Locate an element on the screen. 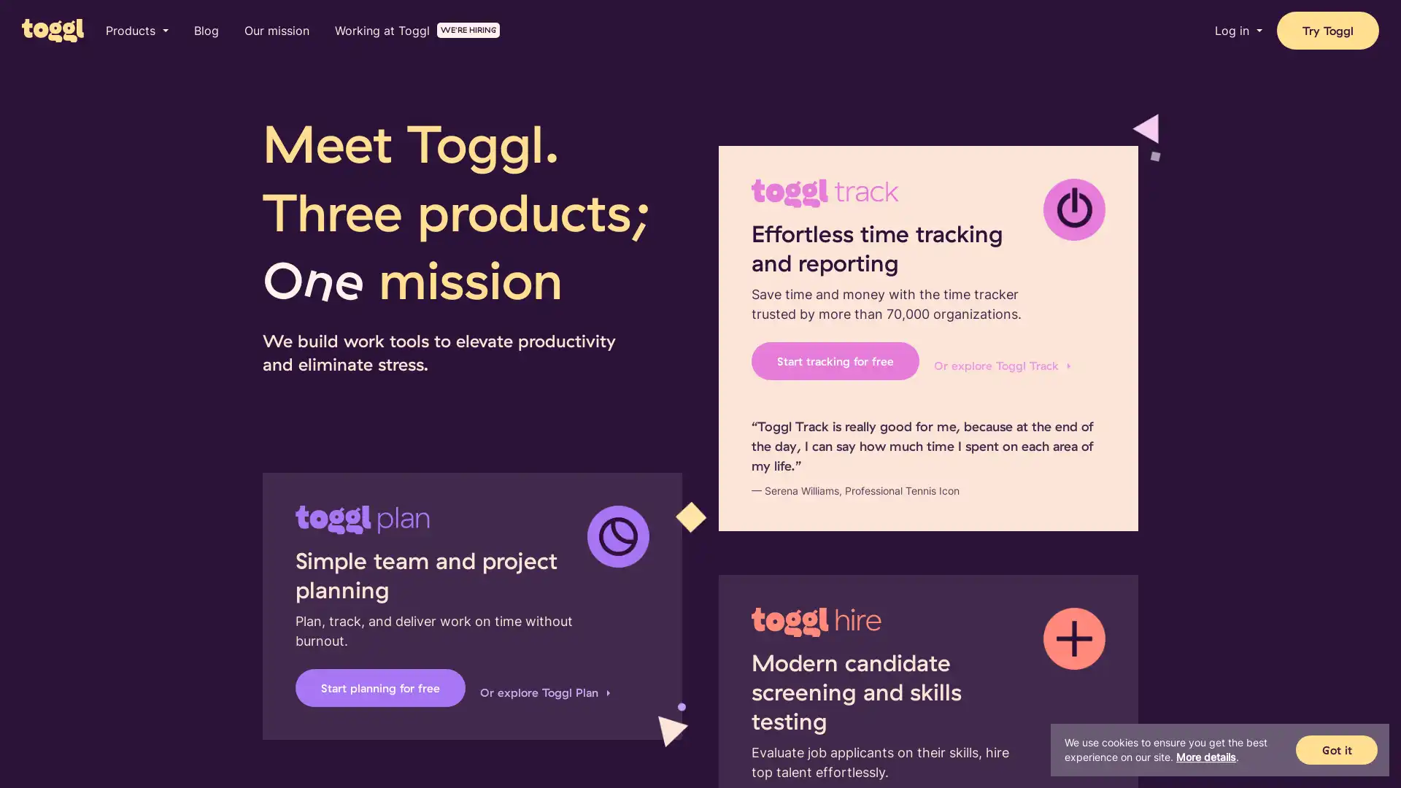 This screenshot has width=1401, height=788. Got it is located at coordinates (1337, 750).